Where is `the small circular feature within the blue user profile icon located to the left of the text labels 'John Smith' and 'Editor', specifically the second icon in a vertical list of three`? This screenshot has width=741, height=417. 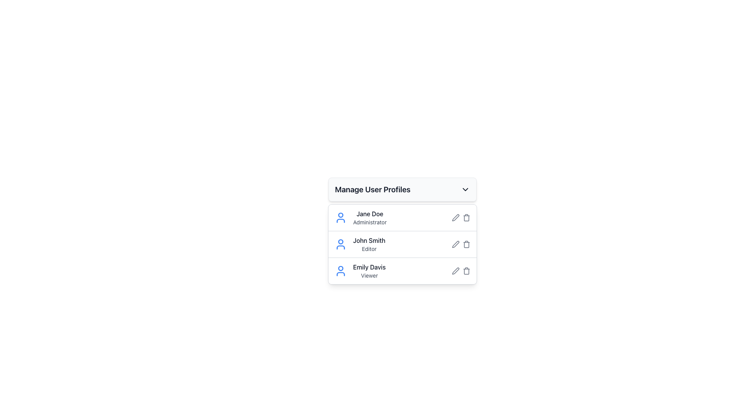
the small circular feature within the blue user profile icon located to the left of the text labels 'John Smith' and 'Editor', specifically the second icon in a vertical list of three is located at coordinates (340, 241).